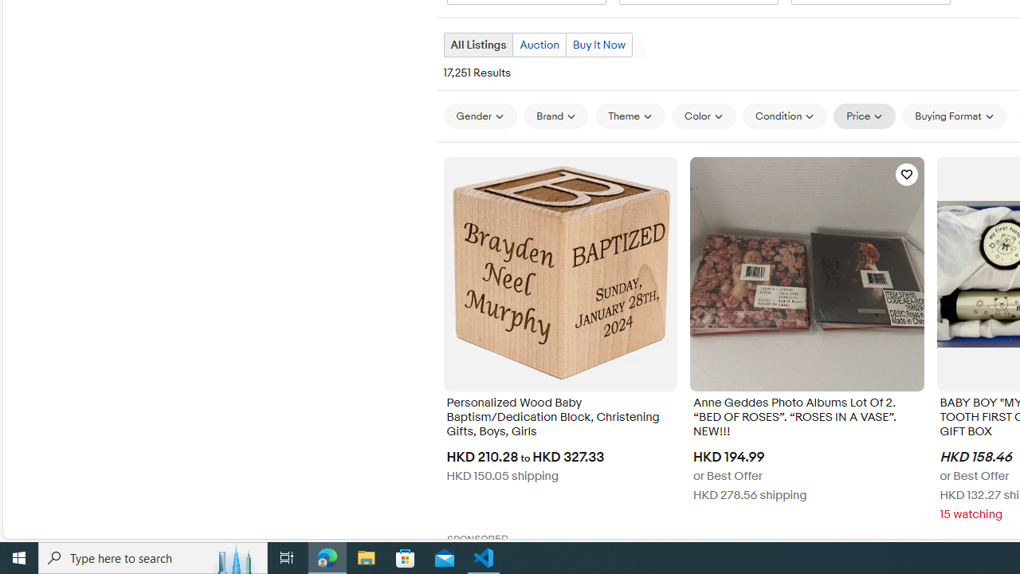 The image size is (1020, 574). Describe the element at coordinates (703, 115) in the screenshot. I see `'Color'` at that location.